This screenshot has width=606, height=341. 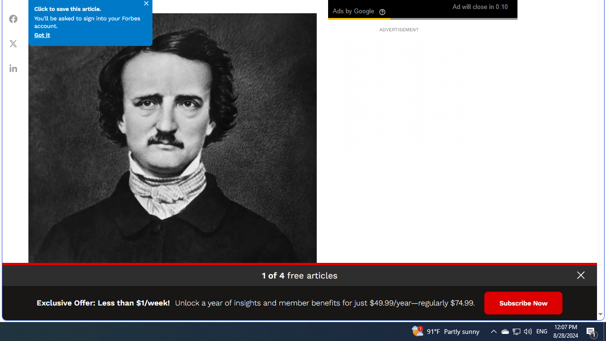 What do you see at coordinates (13, 67) in the screenshot?
I see `'Share Linkedin'` at bounding box center [13, 67].